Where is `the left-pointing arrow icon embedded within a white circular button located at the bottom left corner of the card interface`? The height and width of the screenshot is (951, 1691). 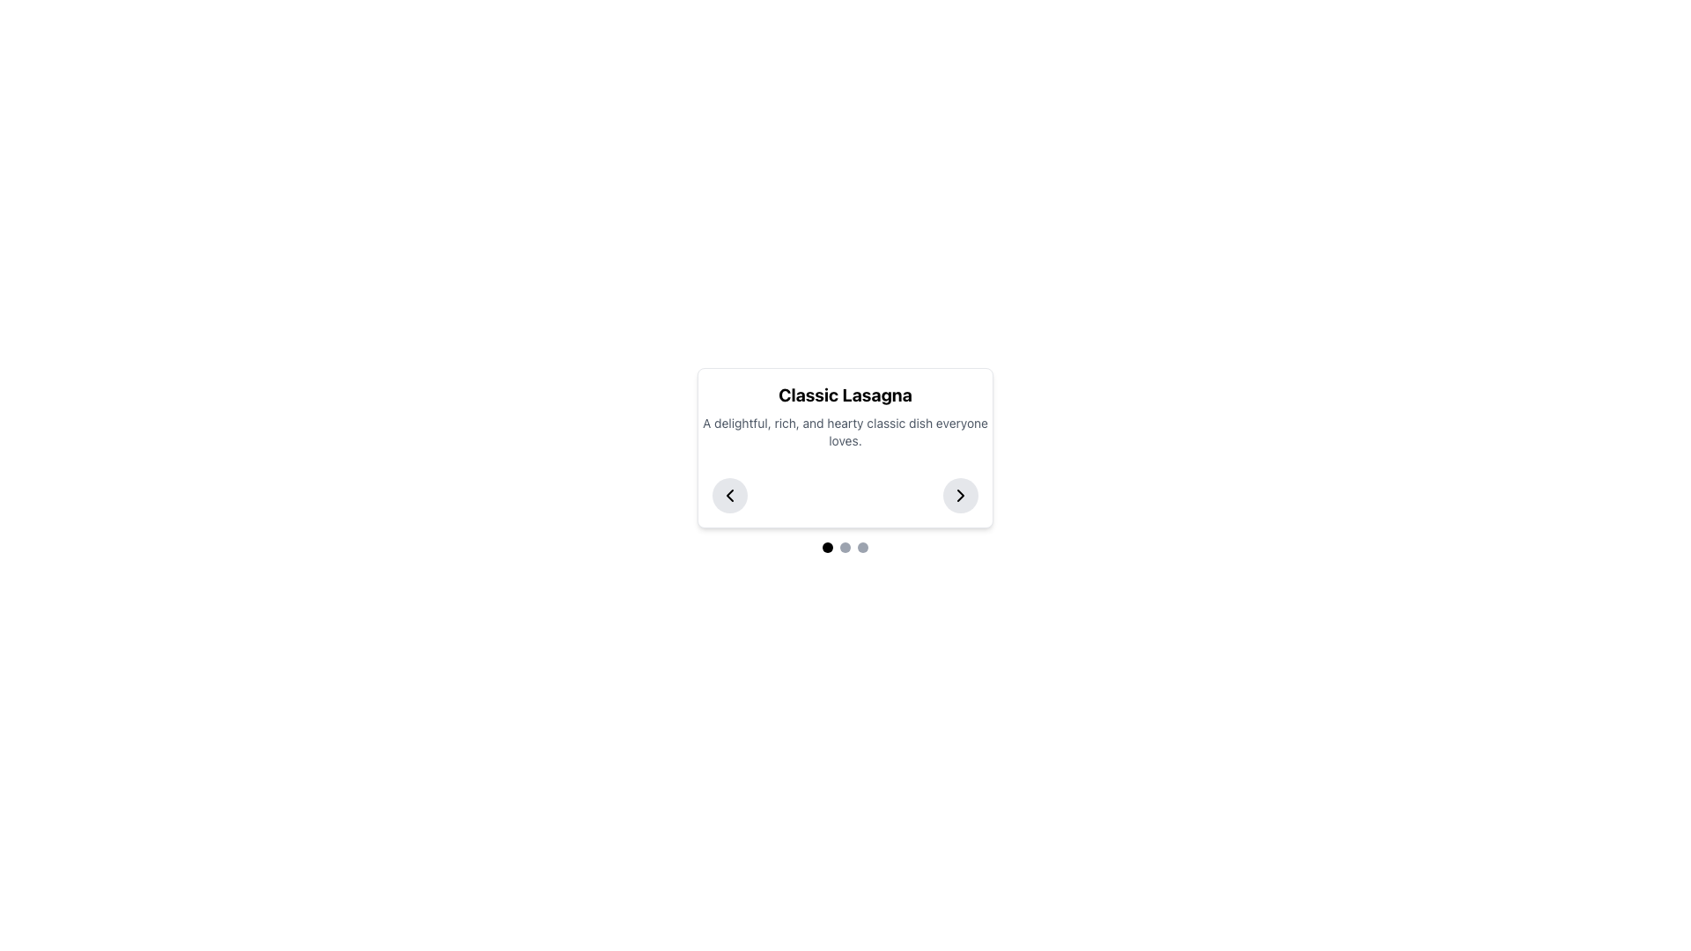
the left-pointing arrow icon embedded within a white circular button located at the bottom left corner of the card interface is located at coordinates (730, 496).